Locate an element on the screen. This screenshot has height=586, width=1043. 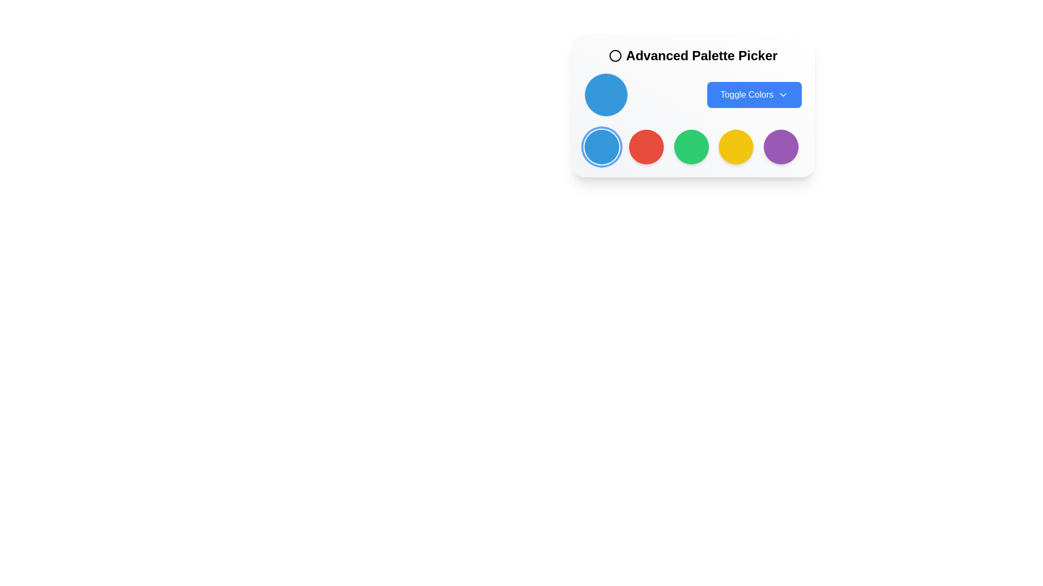
the downward chevron icon located at the right end of the 'Toggle Colors' button is located at coordinates (783, 94).